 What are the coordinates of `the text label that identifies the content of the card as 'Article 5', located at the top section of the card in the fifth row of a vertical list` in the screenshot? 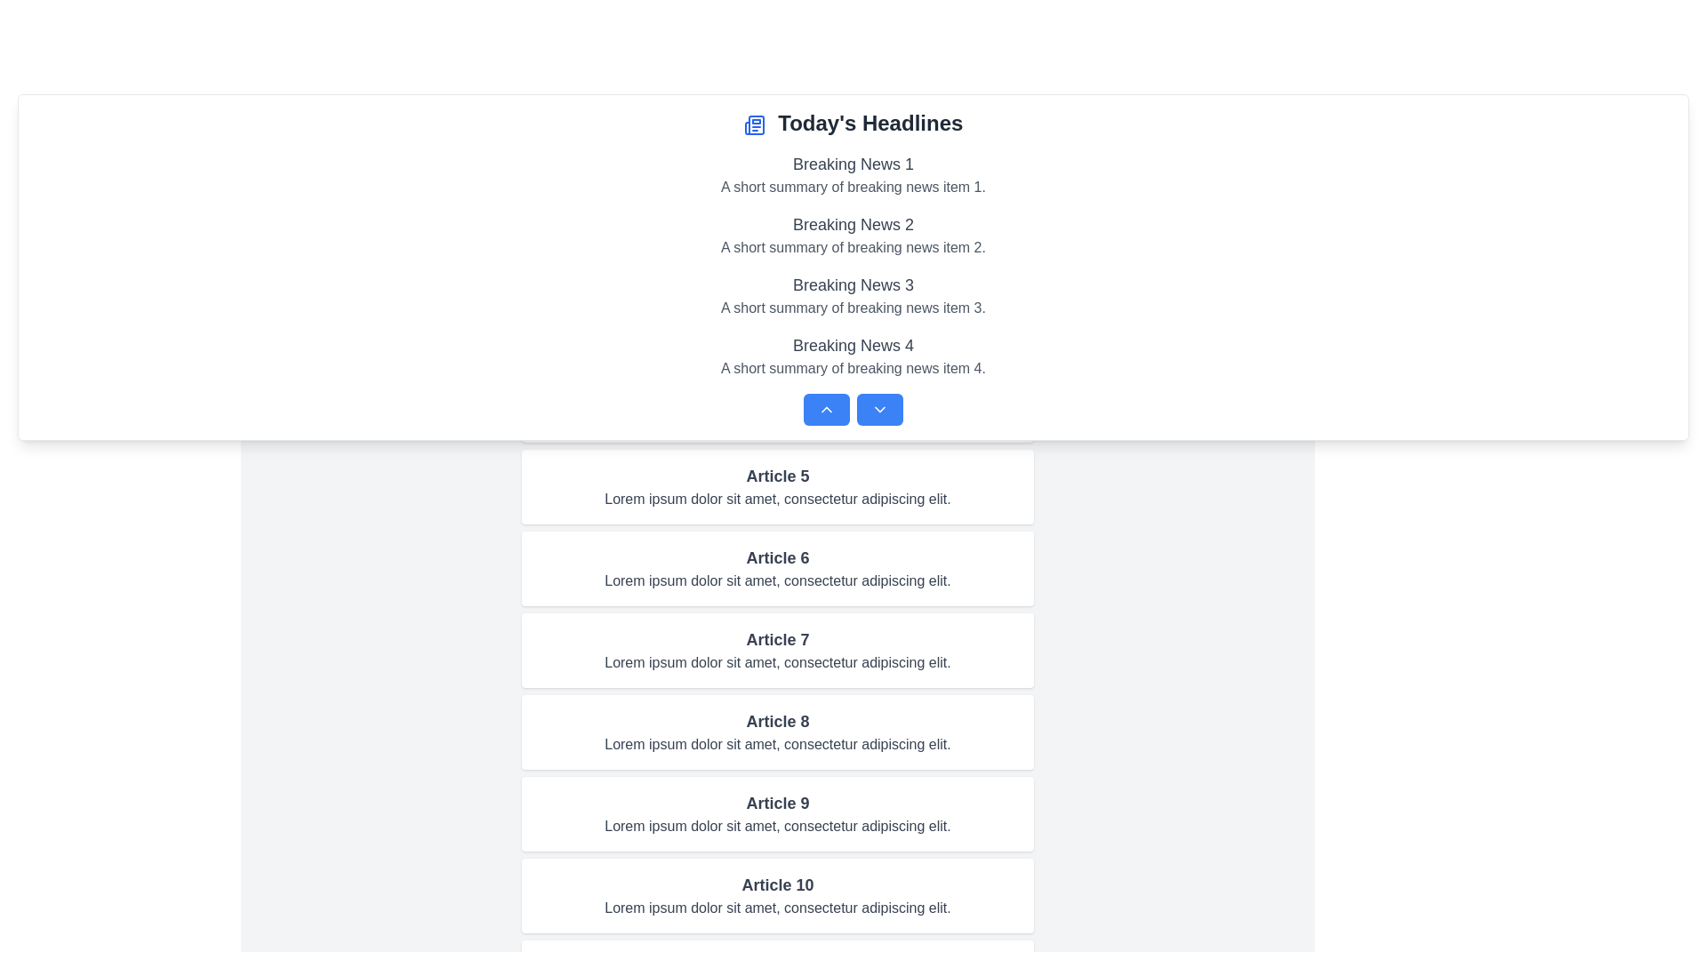 It's located at (777, 476).